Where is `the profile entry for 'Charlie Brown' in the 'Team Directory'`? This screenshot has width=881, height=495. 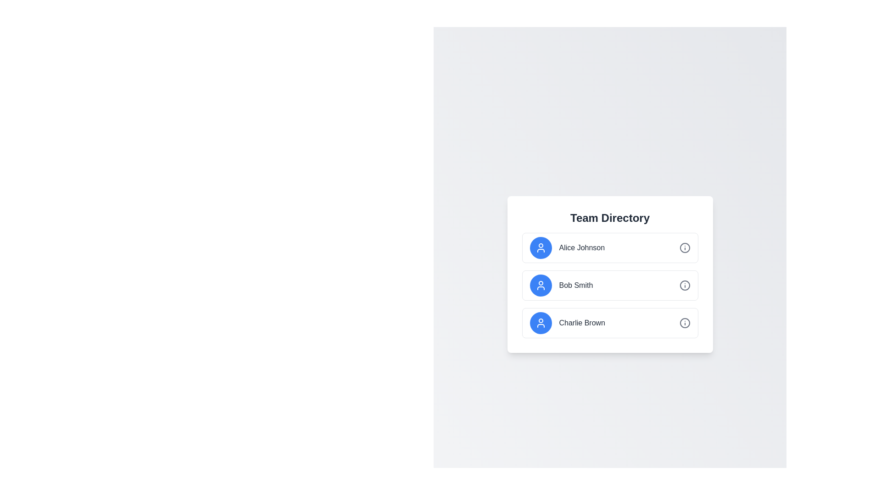
the profile entry for 'Charlie Brown' in the 'Team Directory' is located at coordinates (567, 323).